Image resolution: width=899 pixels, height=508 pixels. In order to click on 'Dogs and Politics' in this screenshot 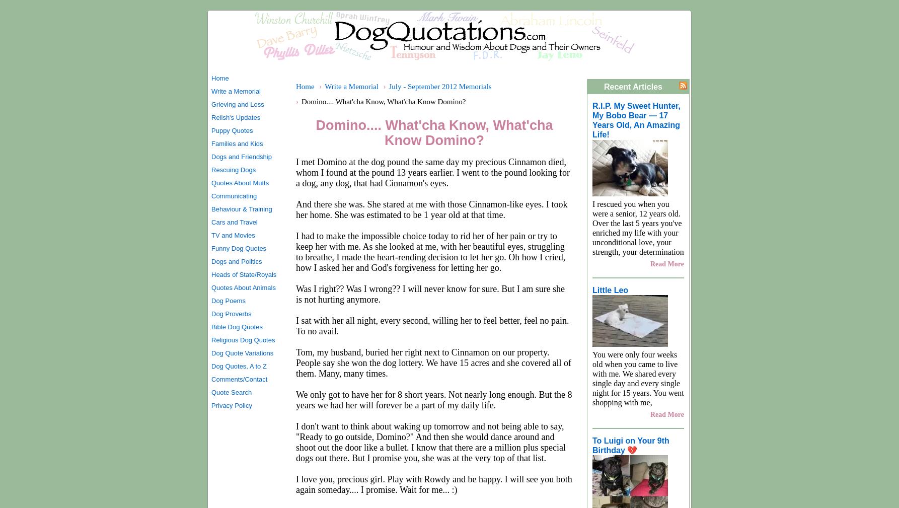, I will do `click(236, 261)`.